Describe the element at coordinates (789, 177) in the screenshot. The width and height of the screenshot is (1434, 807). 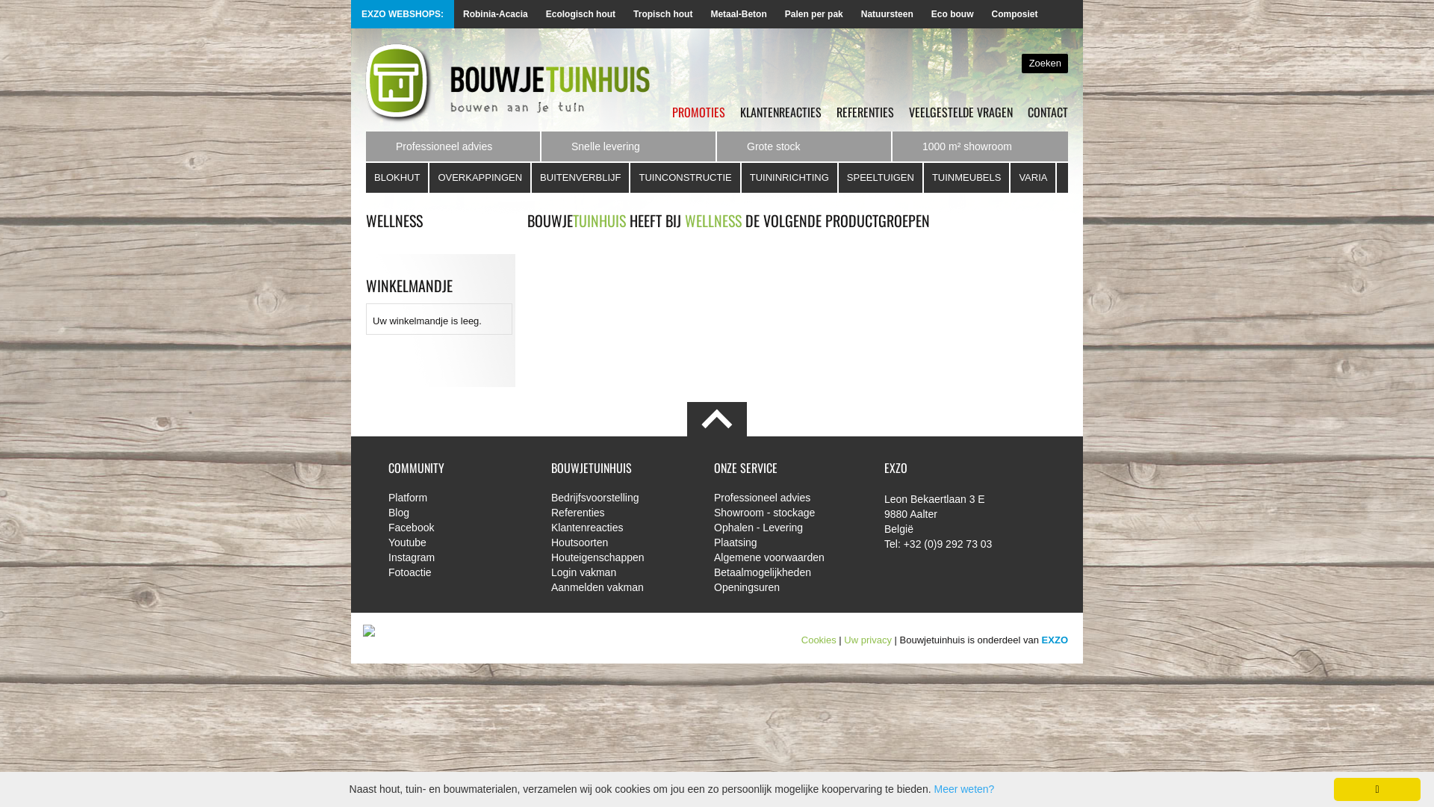
I see `'TUININRICHTING'` at that location.